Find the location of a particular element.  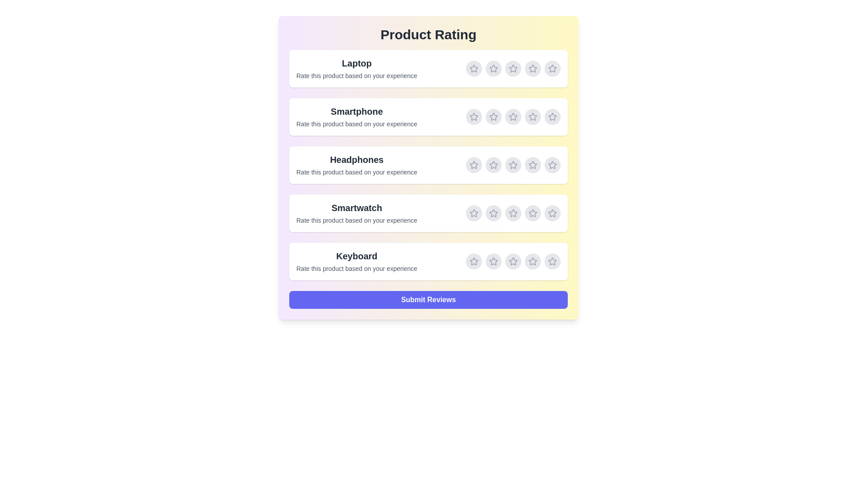

the rating for Keyboard to 3 stars is located at coordinates (513, 261).